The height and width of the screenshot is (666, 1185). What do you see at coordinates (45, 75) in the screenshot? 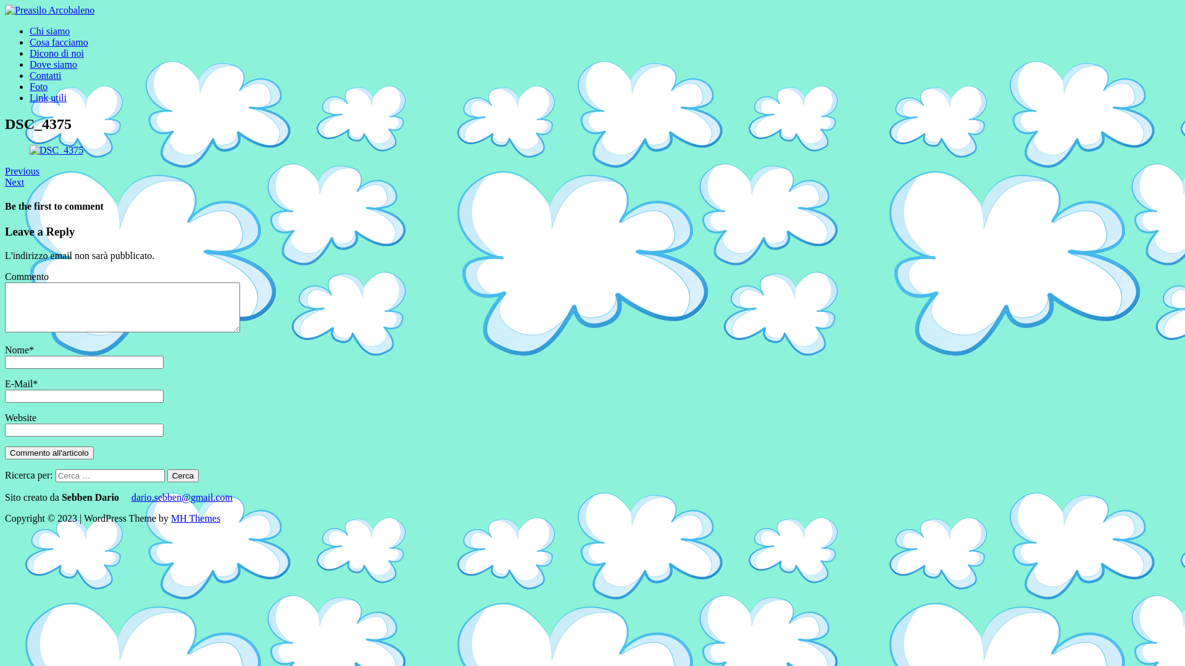
I see `'Contatti'` at bounding box center [45, 75].